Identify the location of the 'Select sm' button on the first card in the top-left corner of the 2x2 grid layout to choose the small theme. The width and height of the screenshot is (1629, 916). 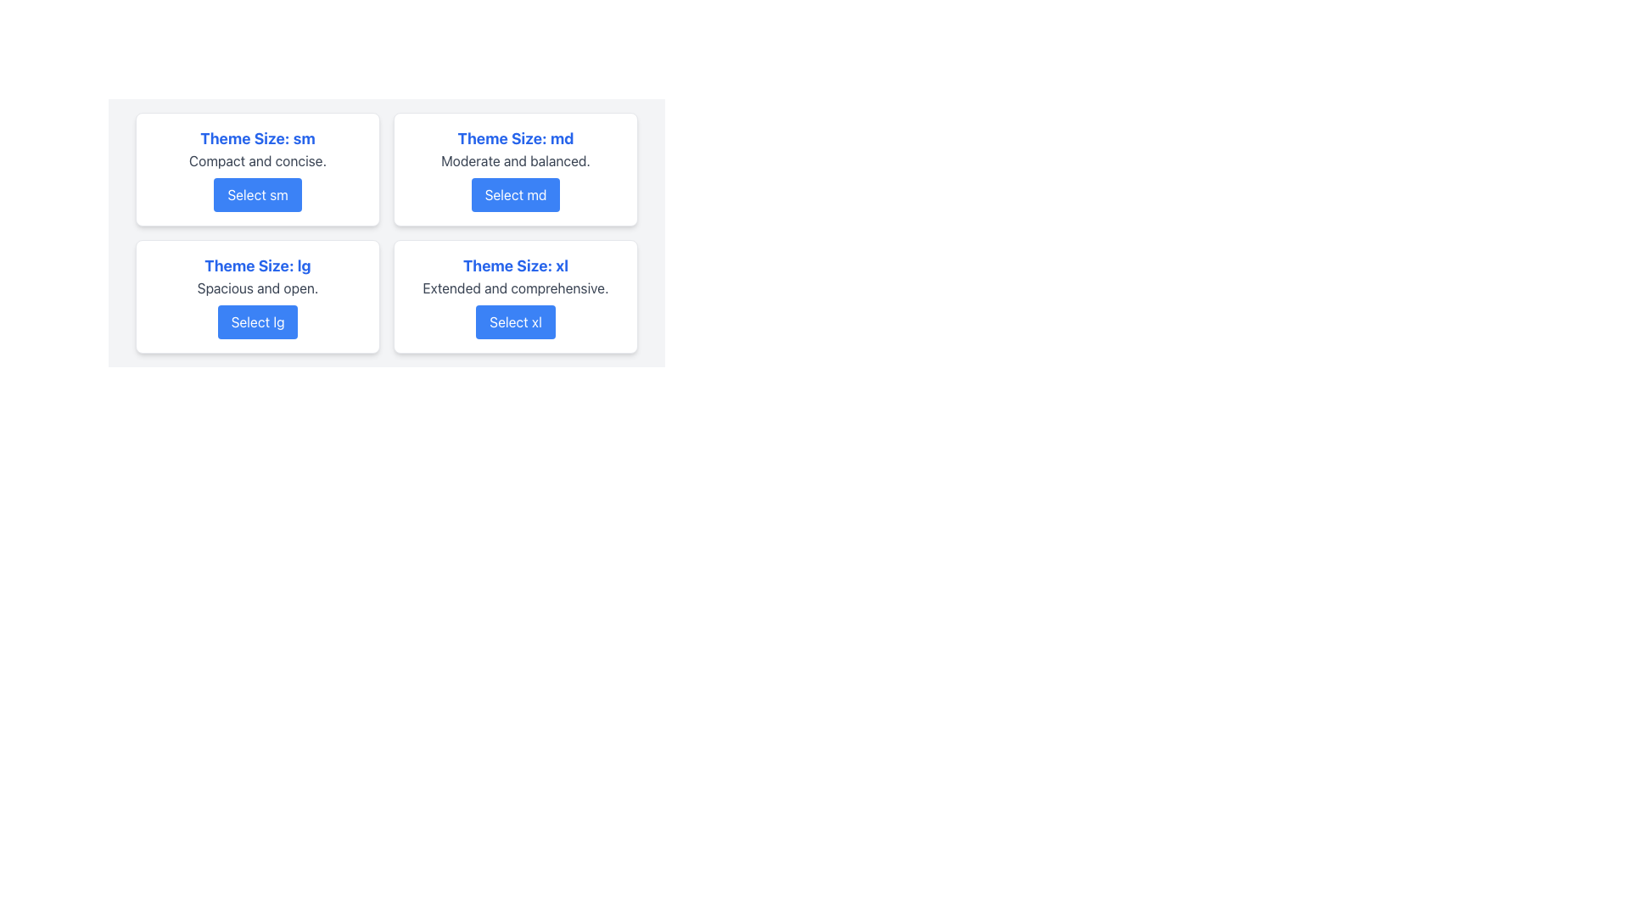
(256, 170).